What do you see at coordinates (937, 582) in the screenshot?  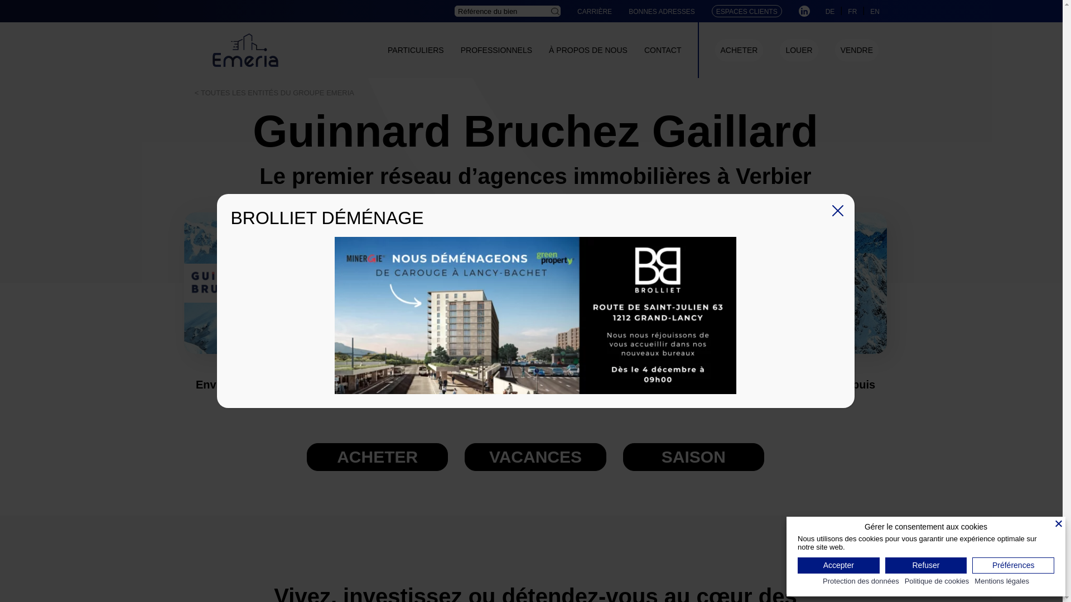 I see `'Politique de cookies'` at bounding box center [937, 582].